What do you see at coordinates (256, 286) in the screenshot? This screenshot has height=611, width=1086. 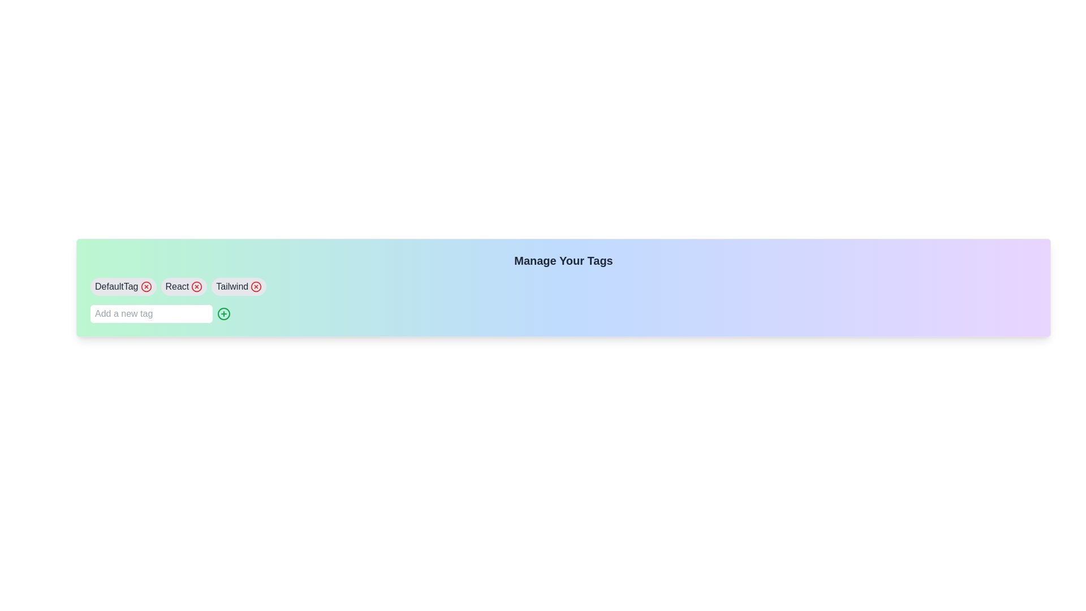 I see `the button located at the end of the 'Tailwind' tag` at bounding box center [256, 286].